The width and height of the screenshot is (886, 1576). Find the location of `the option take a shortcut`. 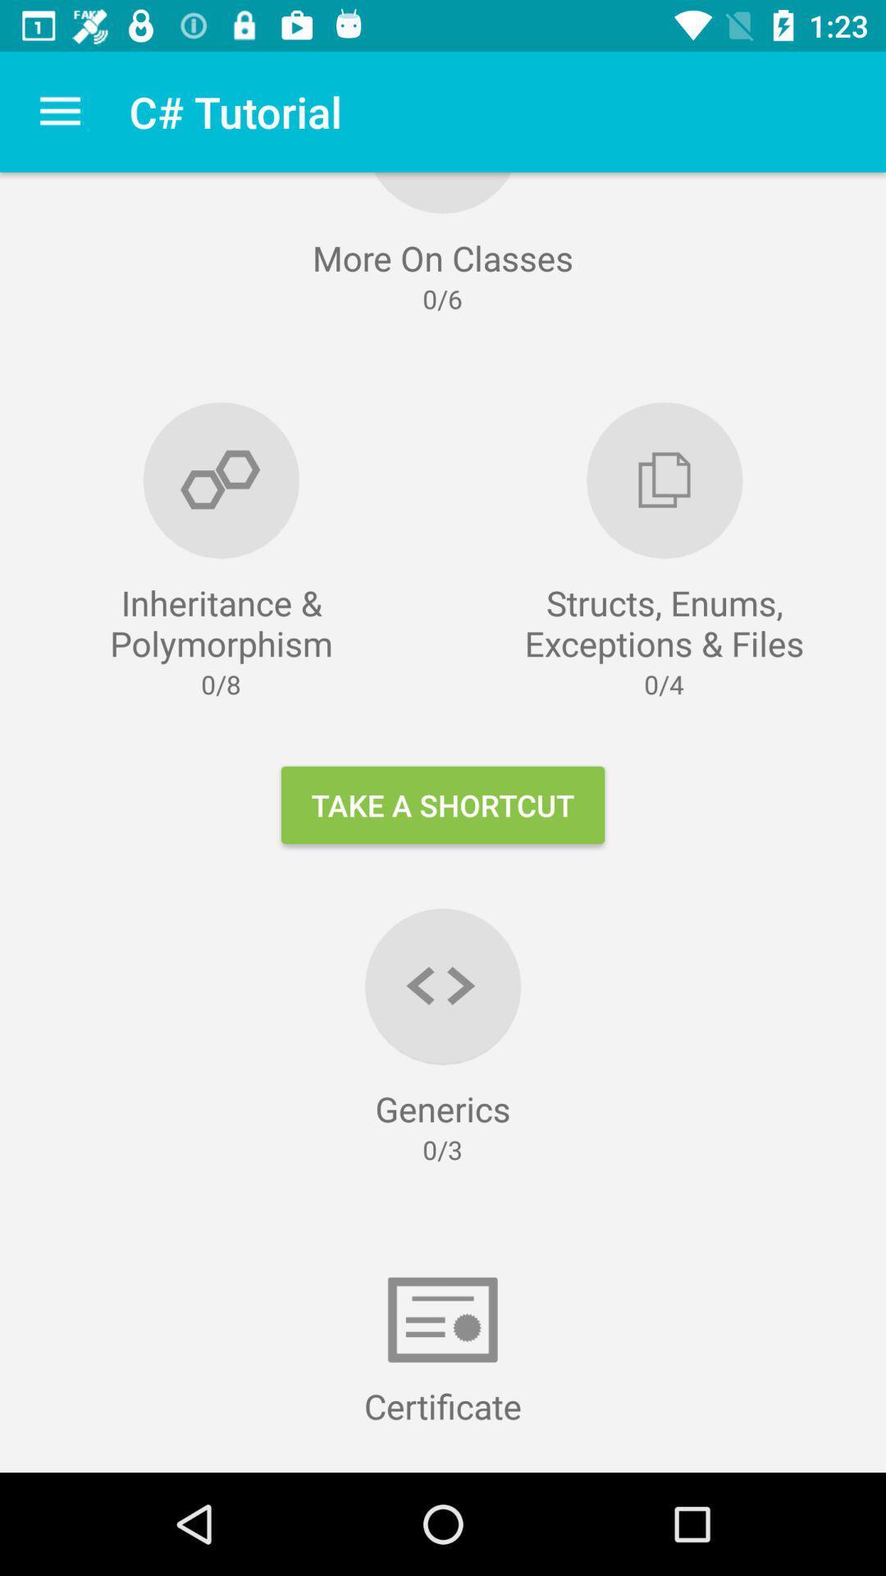

the option take a shortcut is located at coordinates (443, 804).